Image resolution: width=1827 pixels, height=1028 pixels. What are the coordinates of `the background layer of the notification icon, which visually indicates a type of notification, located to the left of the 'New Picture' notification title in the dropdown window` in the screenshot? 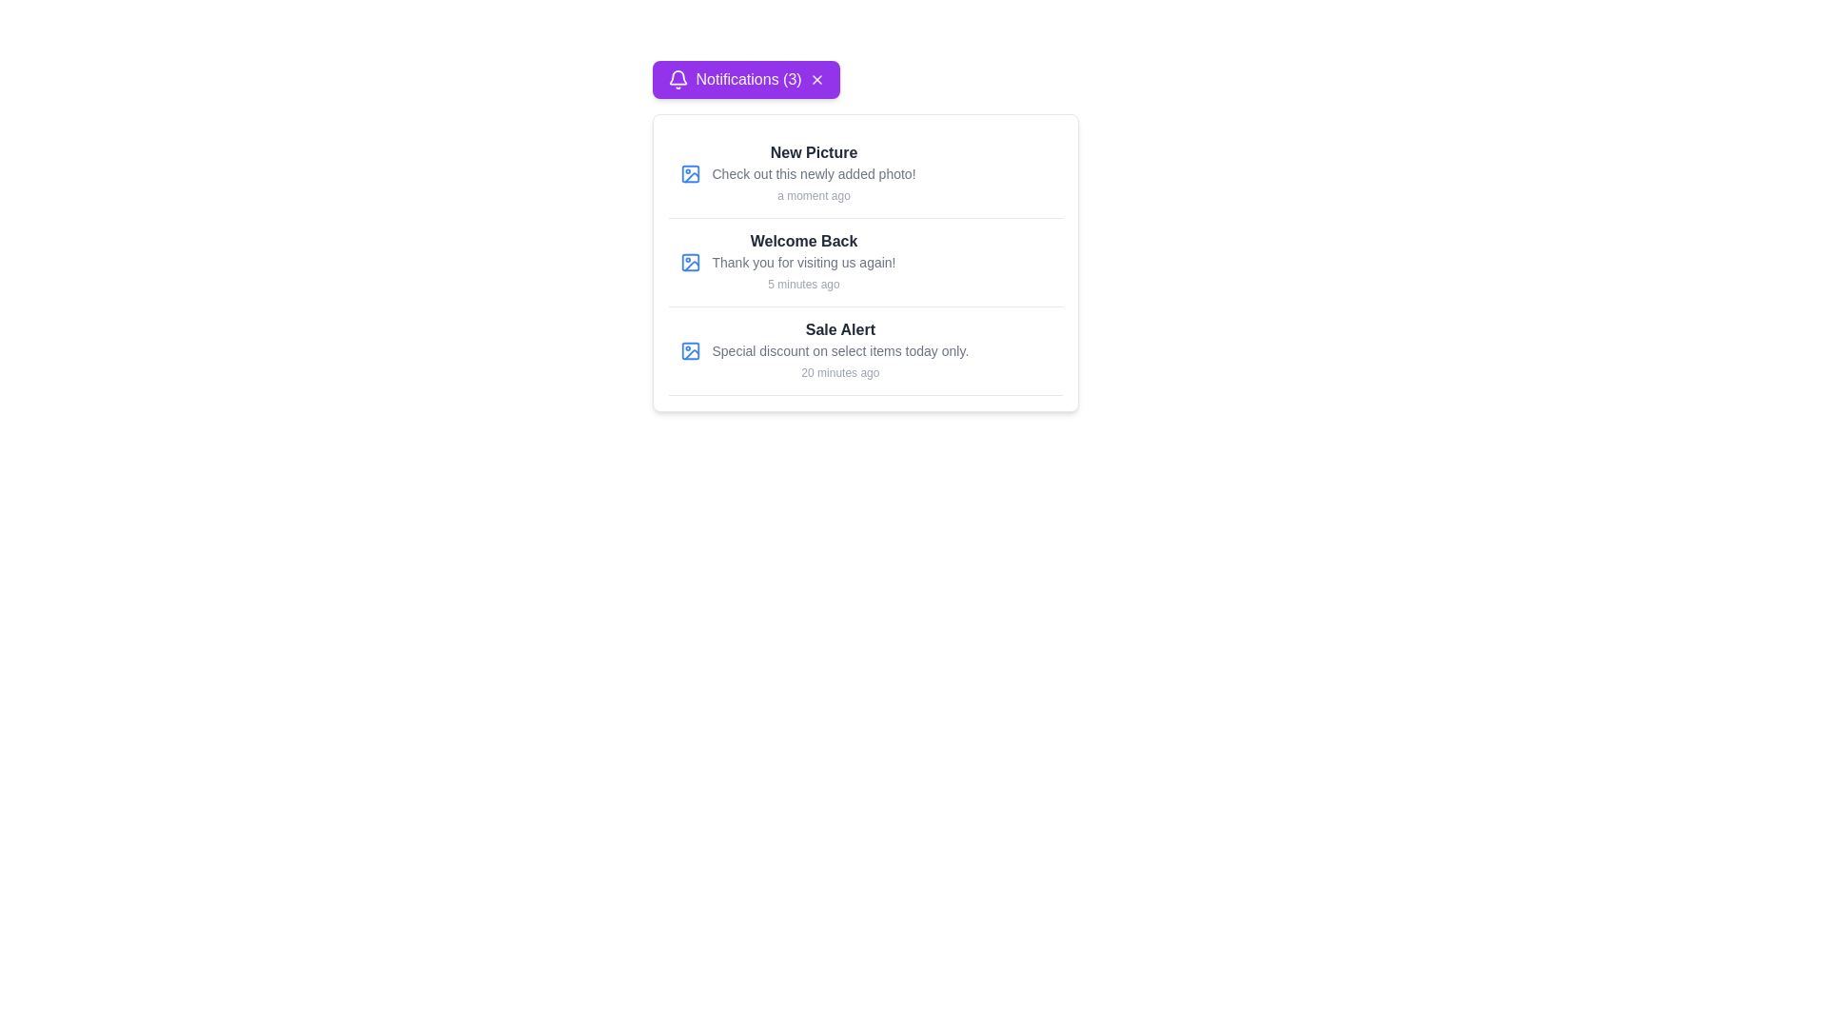 It's located at (689, 173).